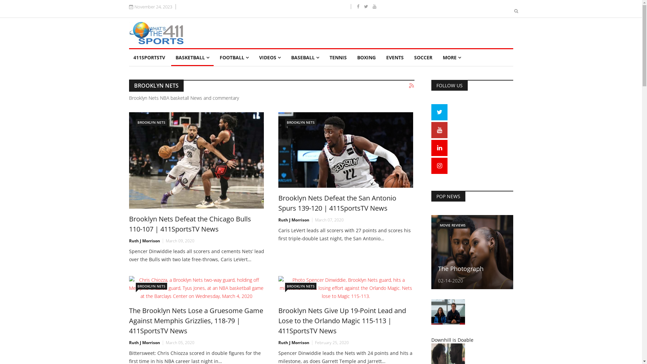 The height and width of the screenshot is (364, 647). Describe the element at coordinates (451, 57) in the screenshot. I see `'MORE'` at that location.